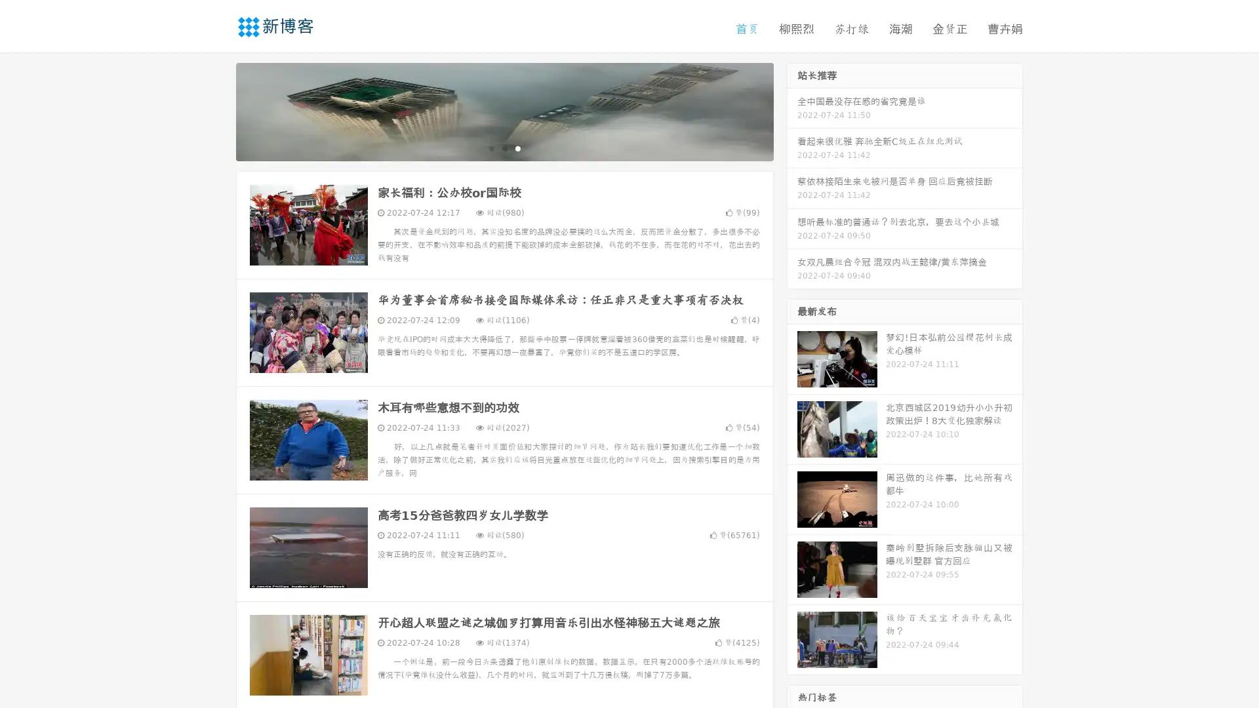  I want to click on Go to slide 1, so click(490, 147).